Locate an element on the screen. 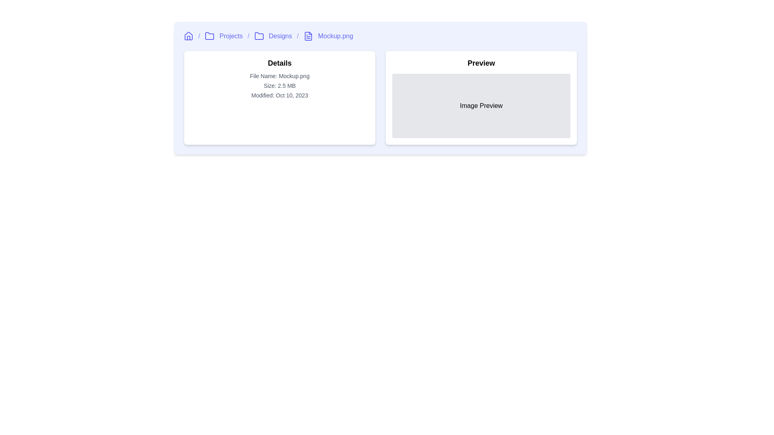 This screenshot has height=435, width=774. the vibrant folder icon in the breadcrumb navigation bar is located at coordinates (259, 35).